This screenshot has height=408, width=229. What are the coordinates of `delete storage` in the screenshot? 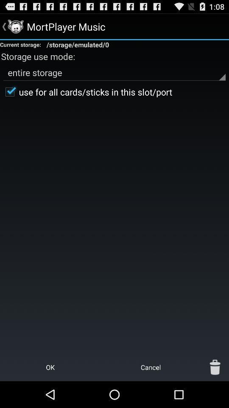 It's located at (215, 367).